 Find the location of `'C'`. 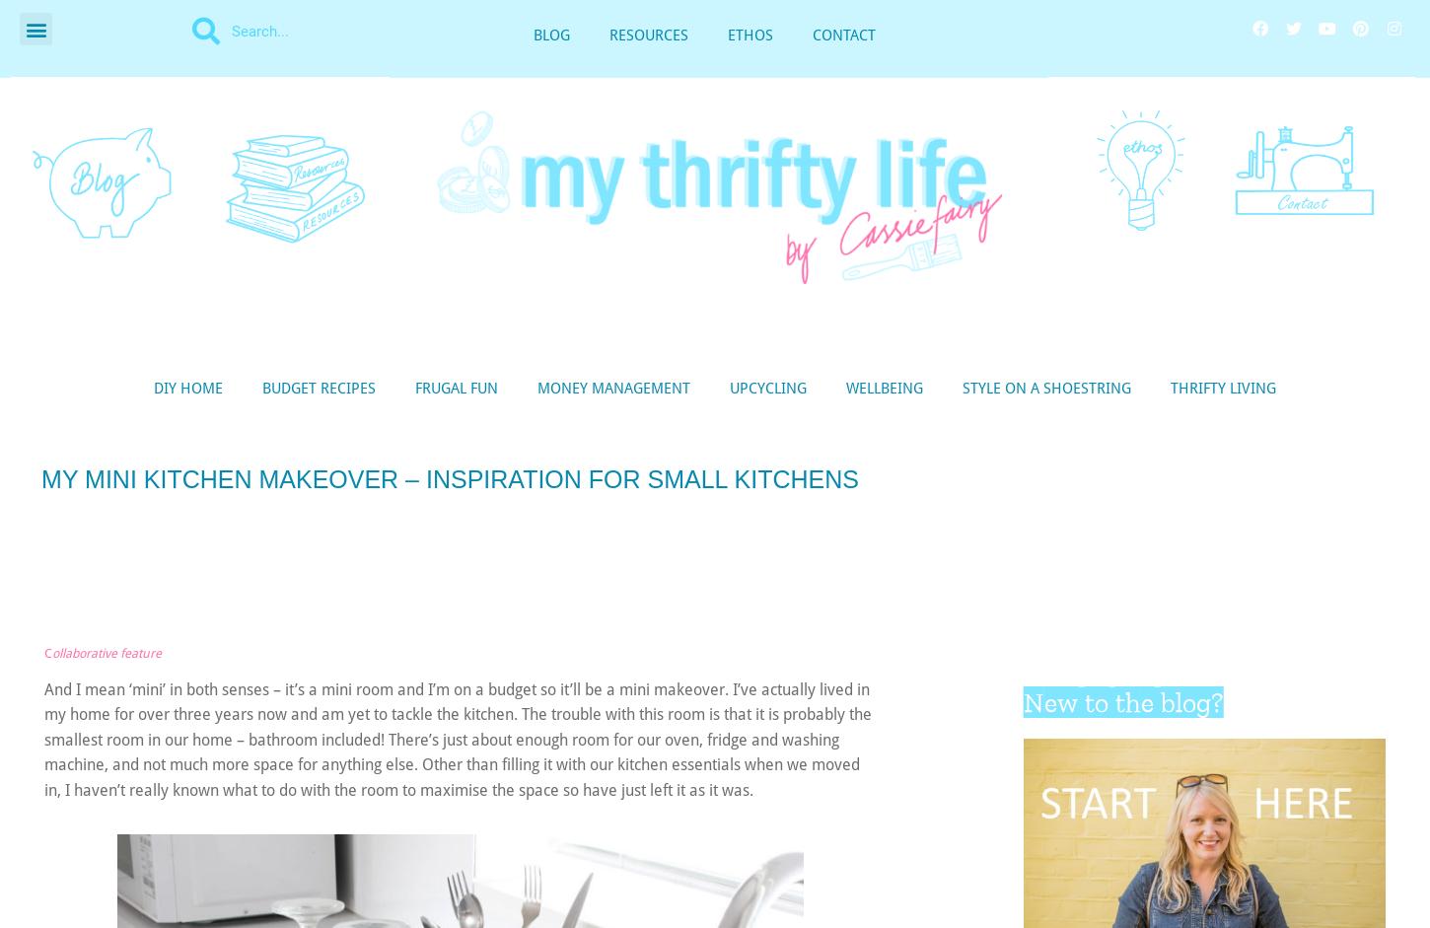

'C' is located at coordinates (43, 652).